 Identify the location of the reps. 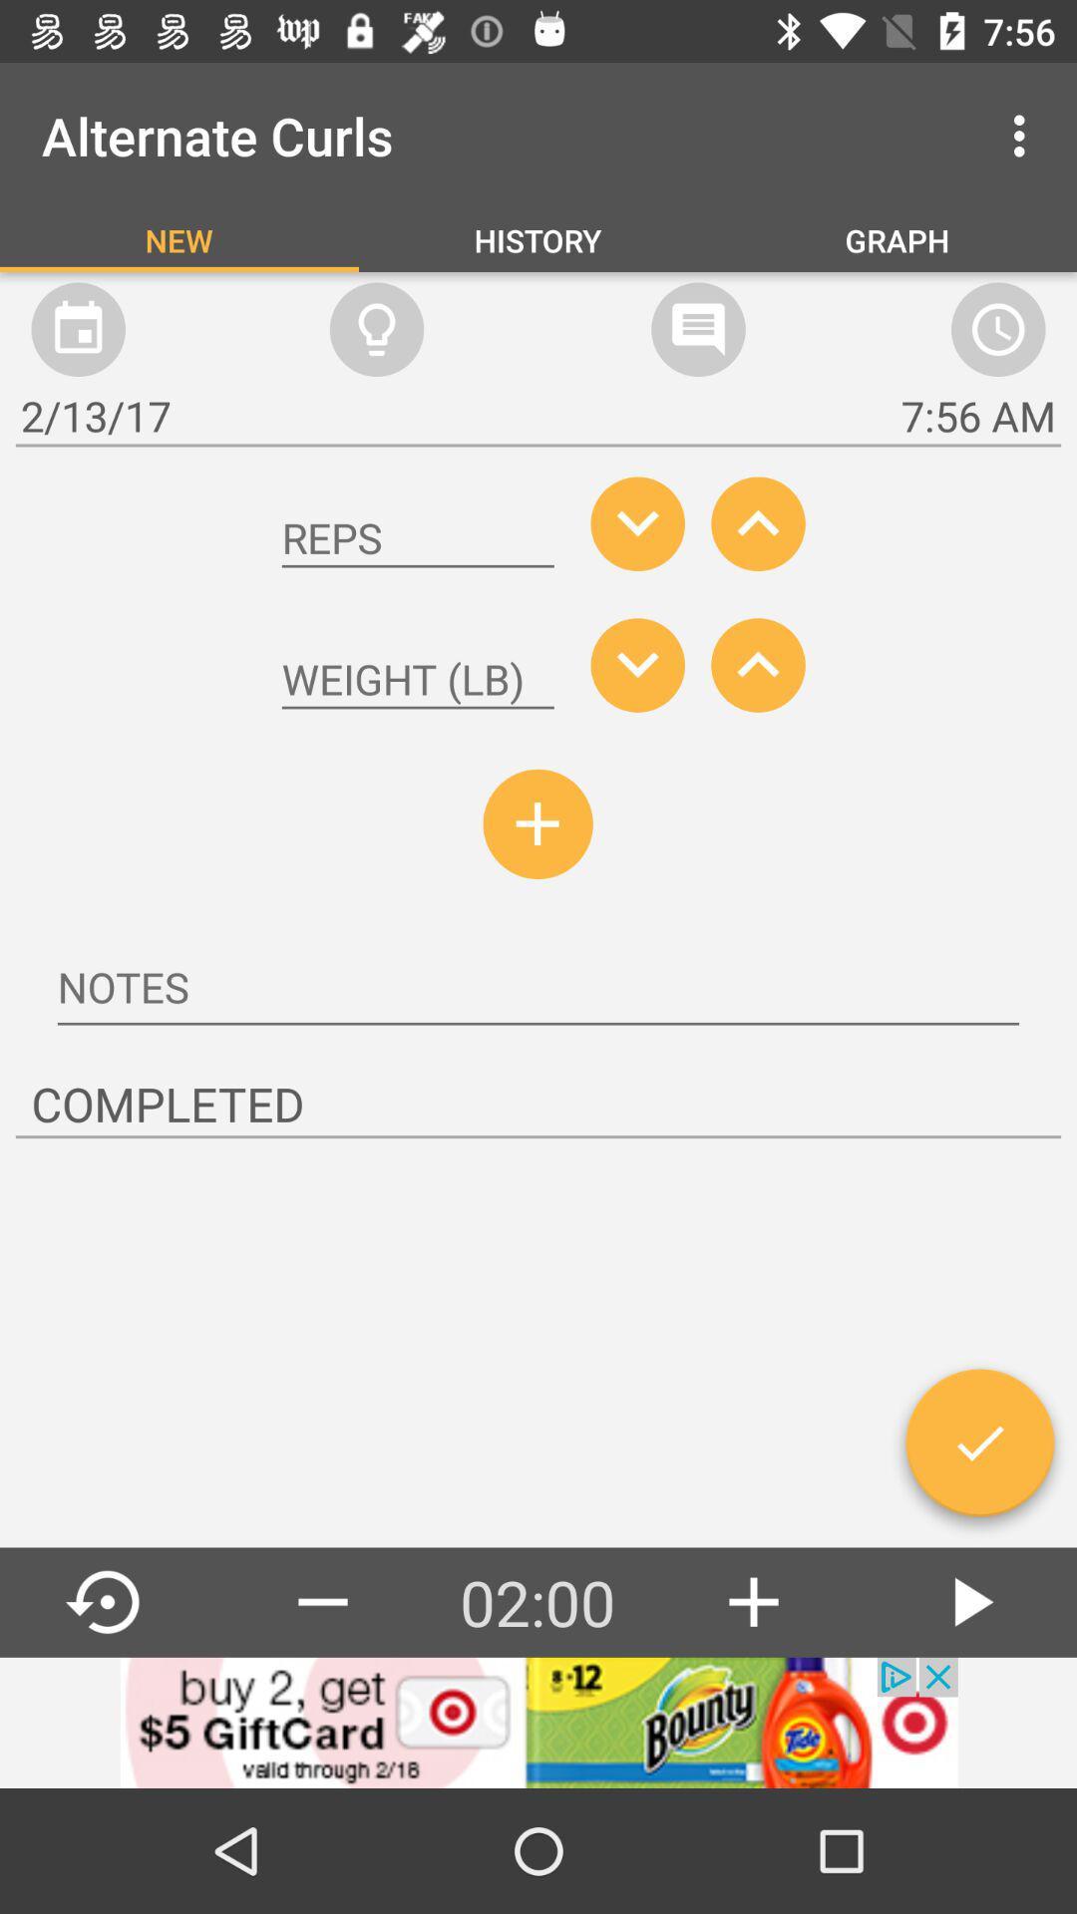
(417, 538).